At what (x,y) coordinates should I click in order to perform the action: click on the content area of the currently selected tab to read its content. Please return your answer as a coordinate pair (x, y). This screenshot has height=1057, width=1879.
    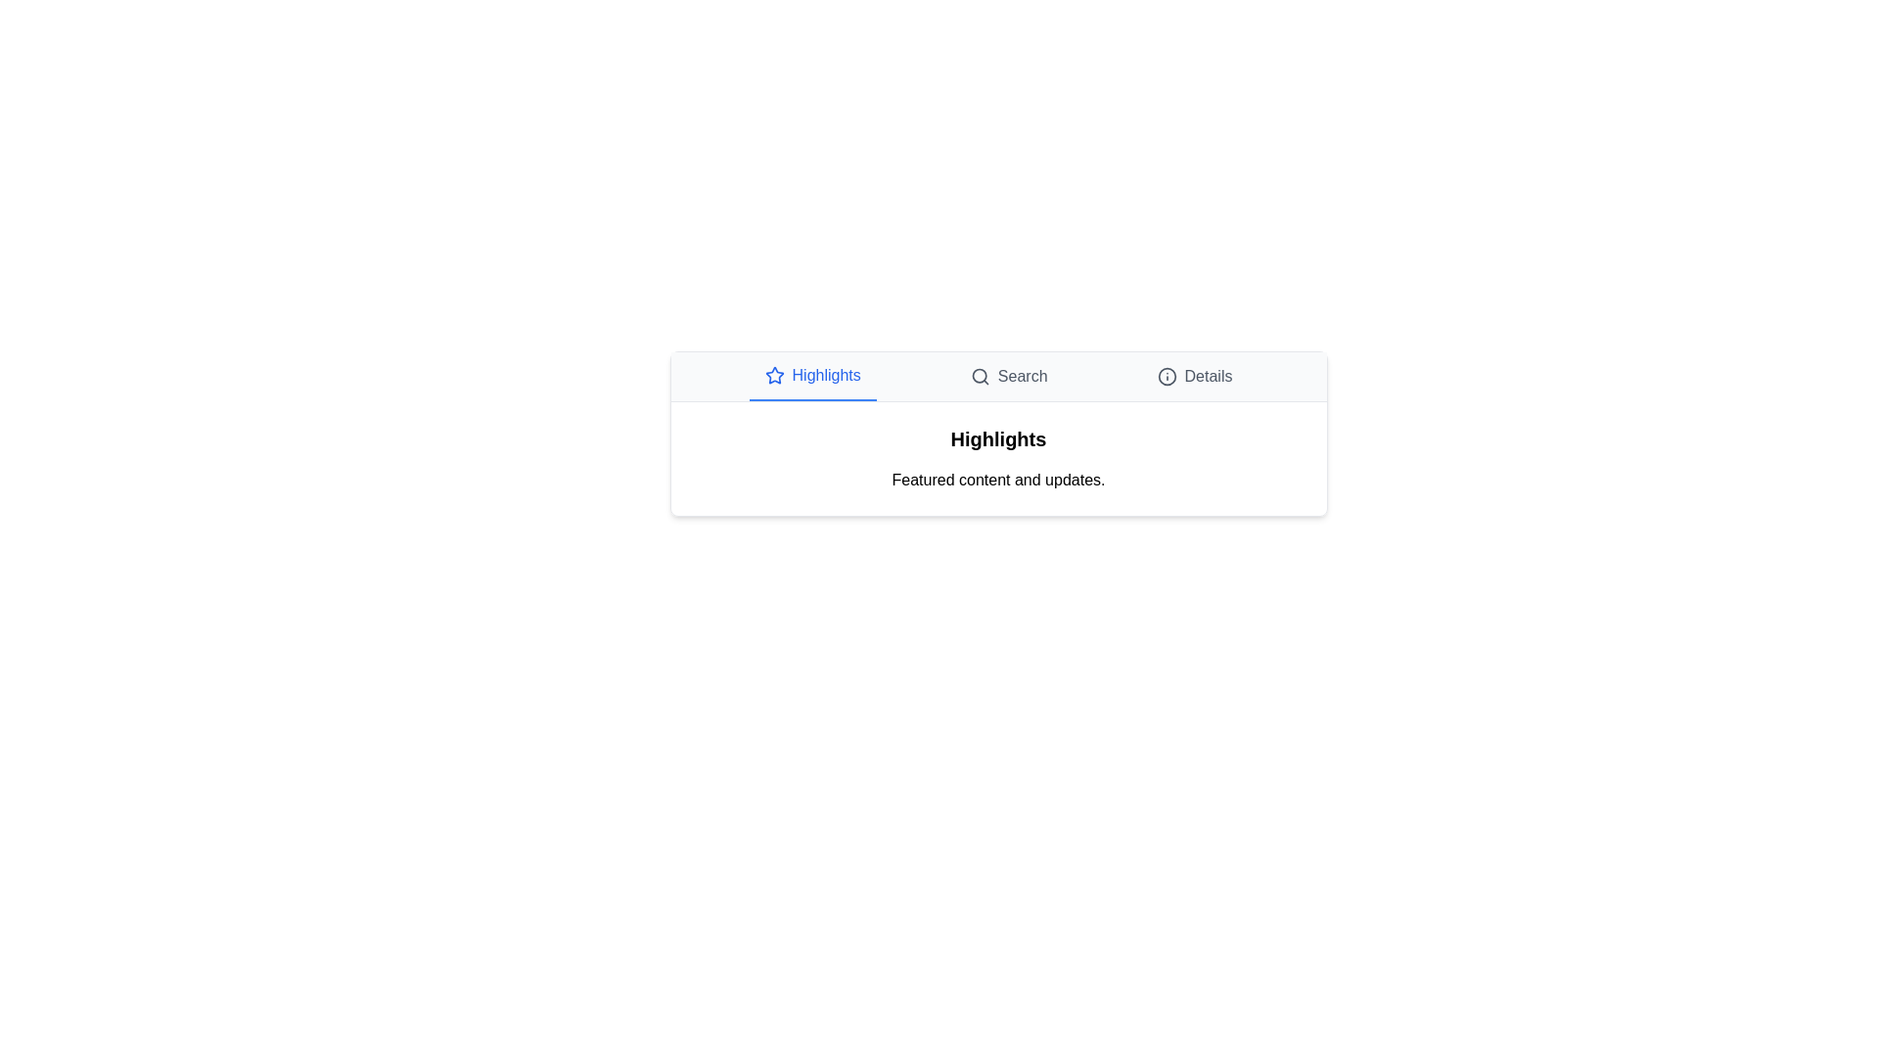
    Looking at the image, I should click on (998, 459).